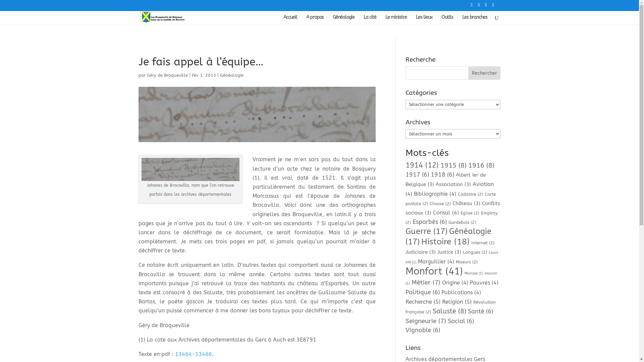 The width and height of the screenshot is (644, 362). What do you see at coordinates (447, 19) in the screenshot?
I see `'Outils'` at bounding box center [447, 19].